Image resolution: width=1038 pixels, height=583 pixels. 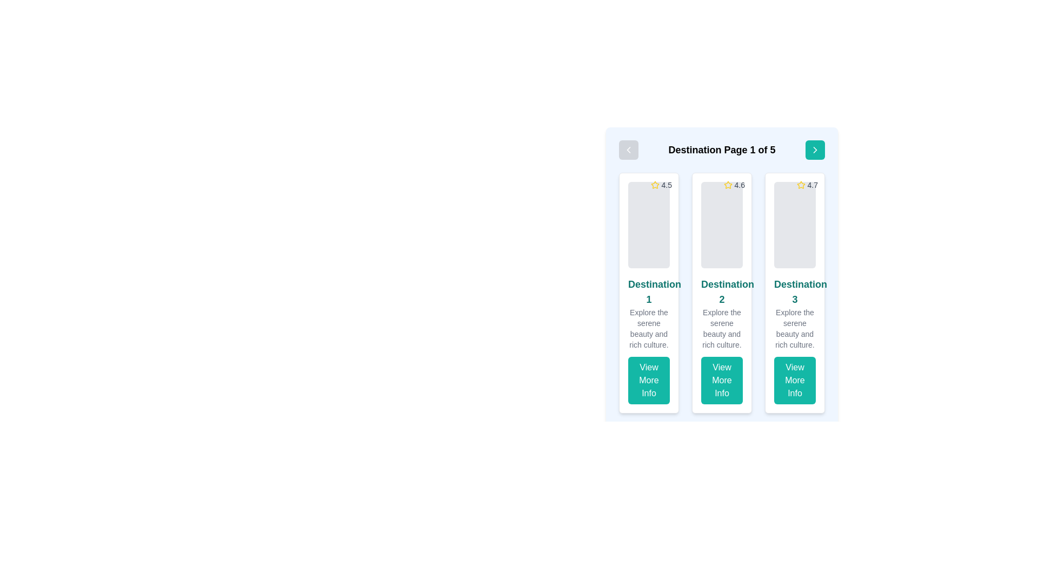 I want to click on the static display with a star icon and text label located in the upper-right corner of the card labeled 'Destination 3', just above the image section, so click(x=807, y=185).